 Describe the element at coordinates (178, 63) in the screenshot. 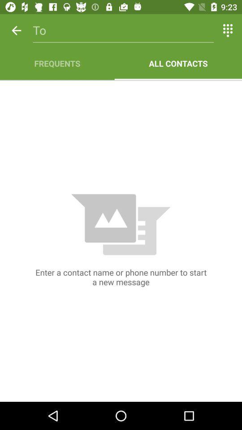

I see `icon to the right of the frequents` at that location.